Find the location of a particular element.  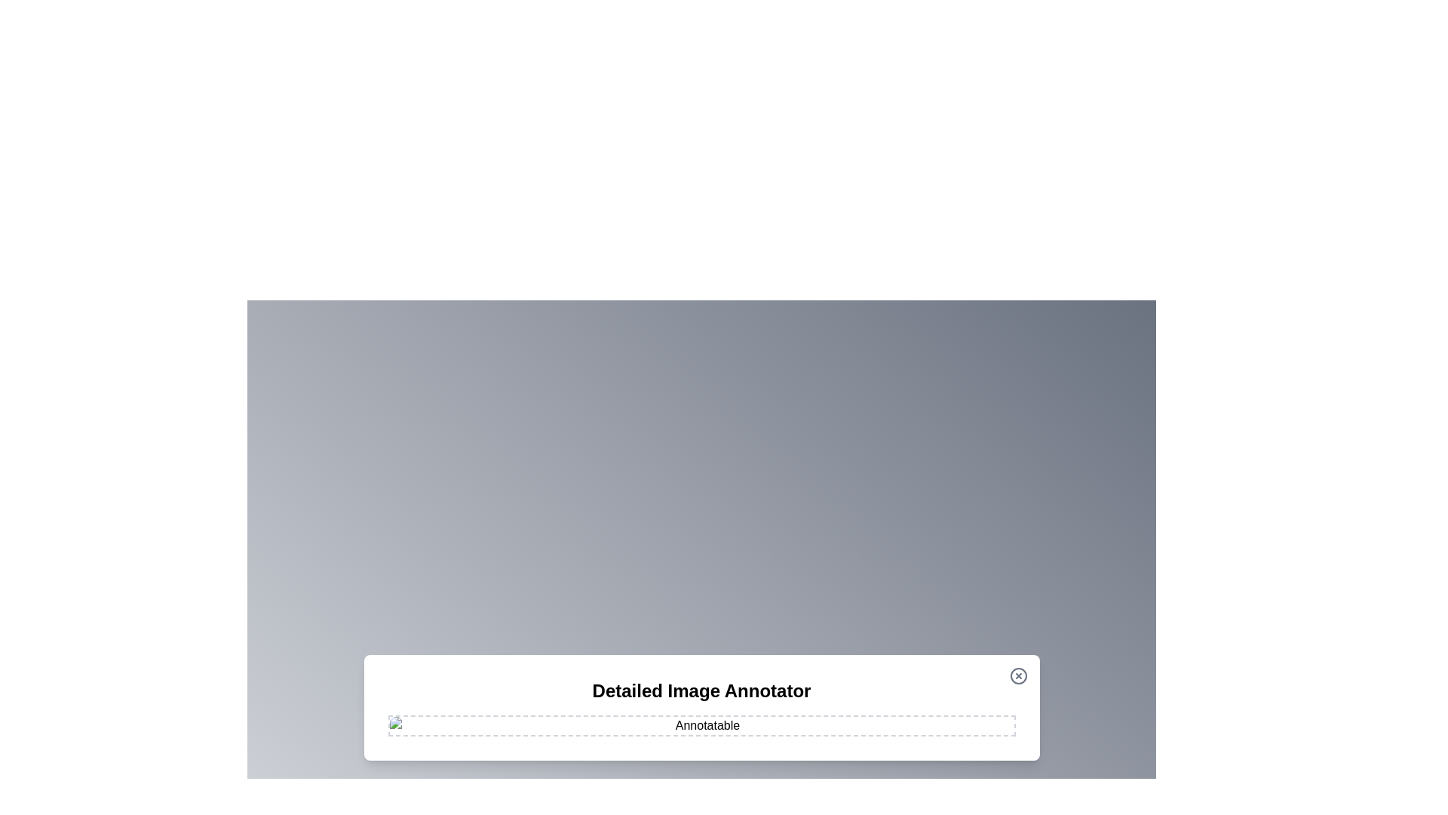

the image at coordinates (1158, 950) to add an annotation is located at coordinates (873, 715).